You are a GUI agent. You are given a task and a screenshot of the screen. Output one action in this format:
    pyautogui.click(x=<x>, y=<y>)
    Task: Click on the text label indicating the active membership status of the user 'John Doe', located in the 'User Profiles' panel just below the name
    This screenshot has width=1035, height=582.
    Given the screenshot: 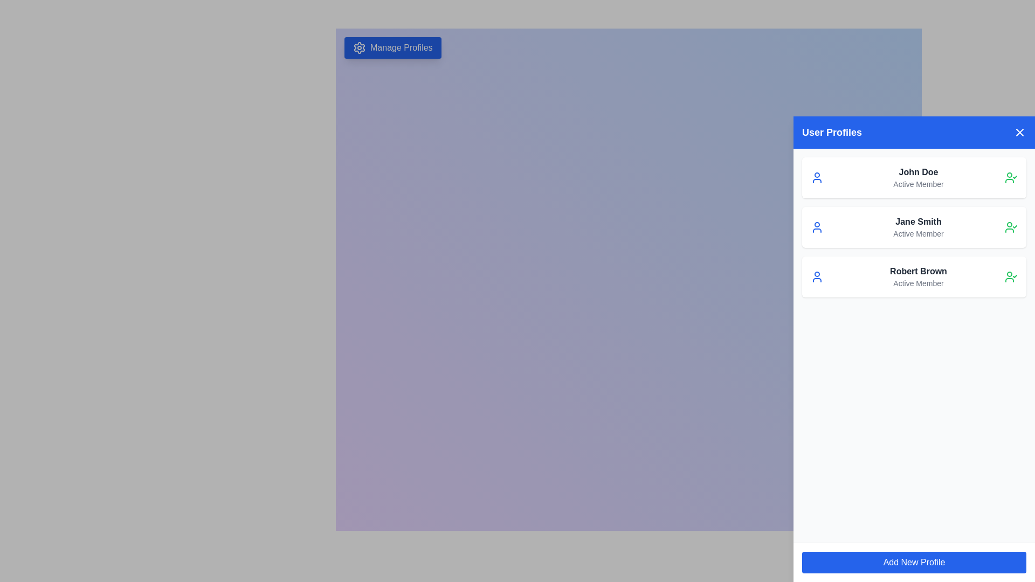 What is the action you would take?
    pyautogui.click(x=918, y=184)
    